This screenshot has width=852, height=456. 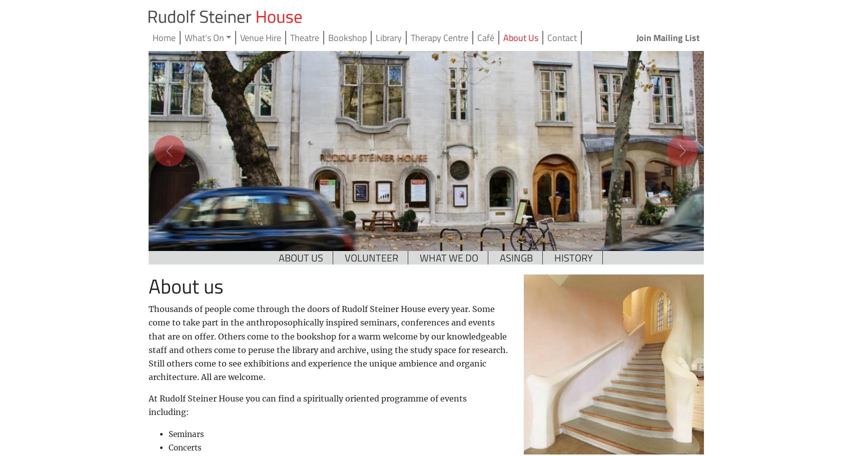 I want to click on 'WHAT WE DO', so click(x=420, y=256).